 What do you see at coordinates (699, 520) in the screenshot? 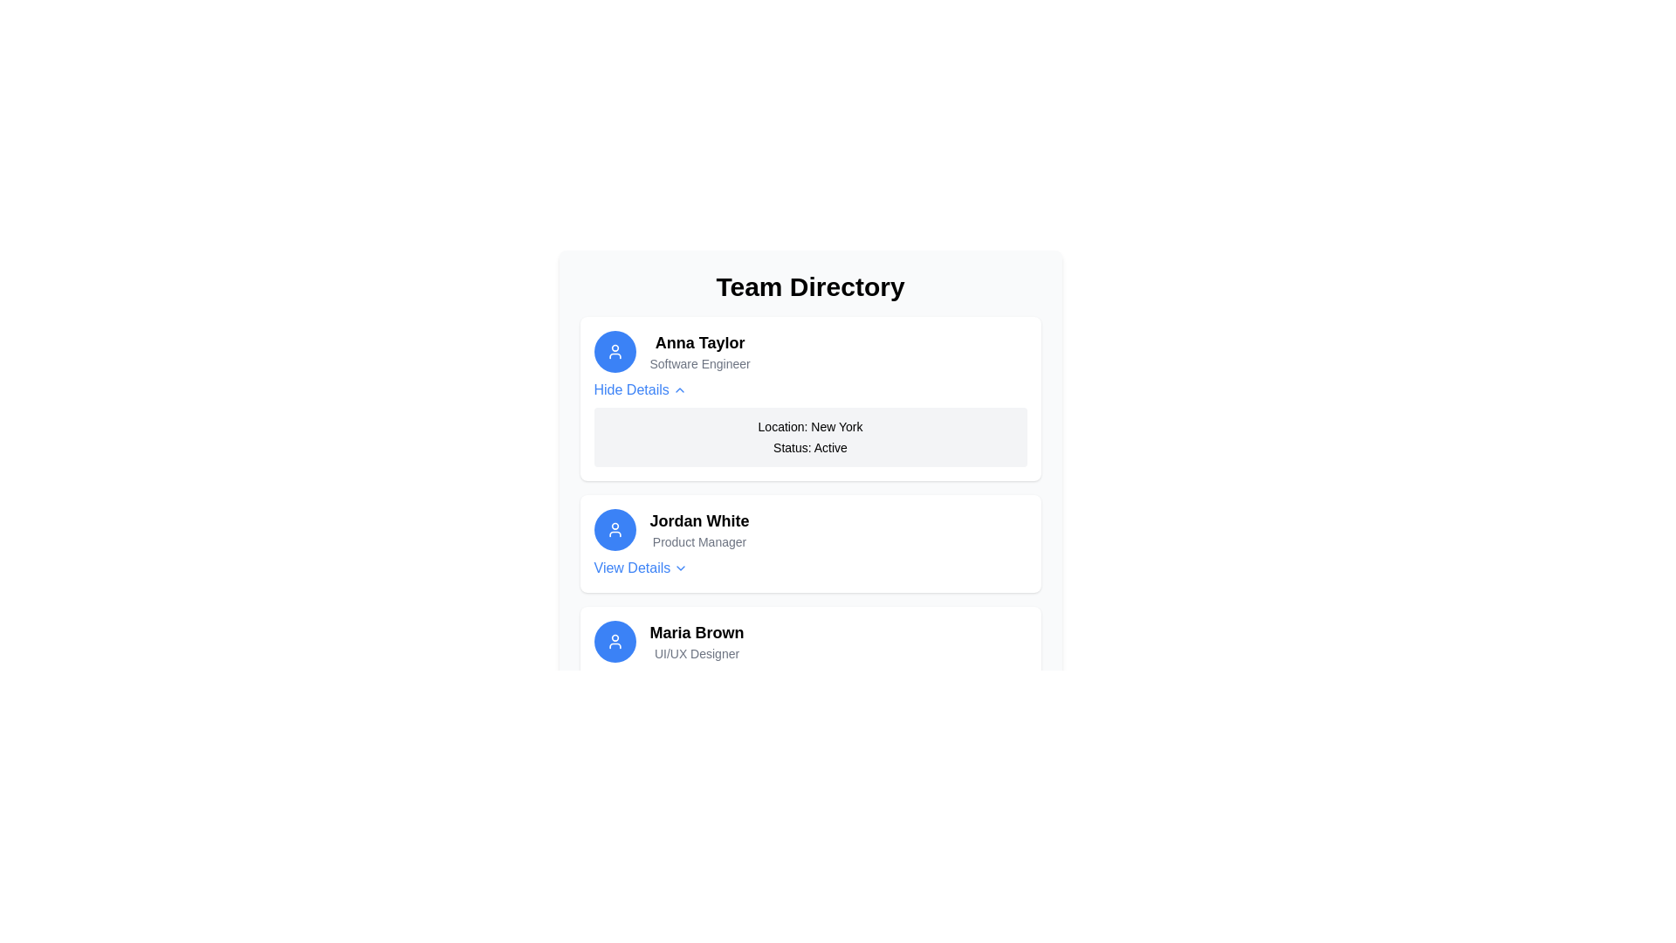
I see `name displayed in the text label showing 'Jordan White', which is prominently styled as a heading above the role title 'Product Manager' within the second user card of the 'Team Directory'` at bounding box center [699, 520].